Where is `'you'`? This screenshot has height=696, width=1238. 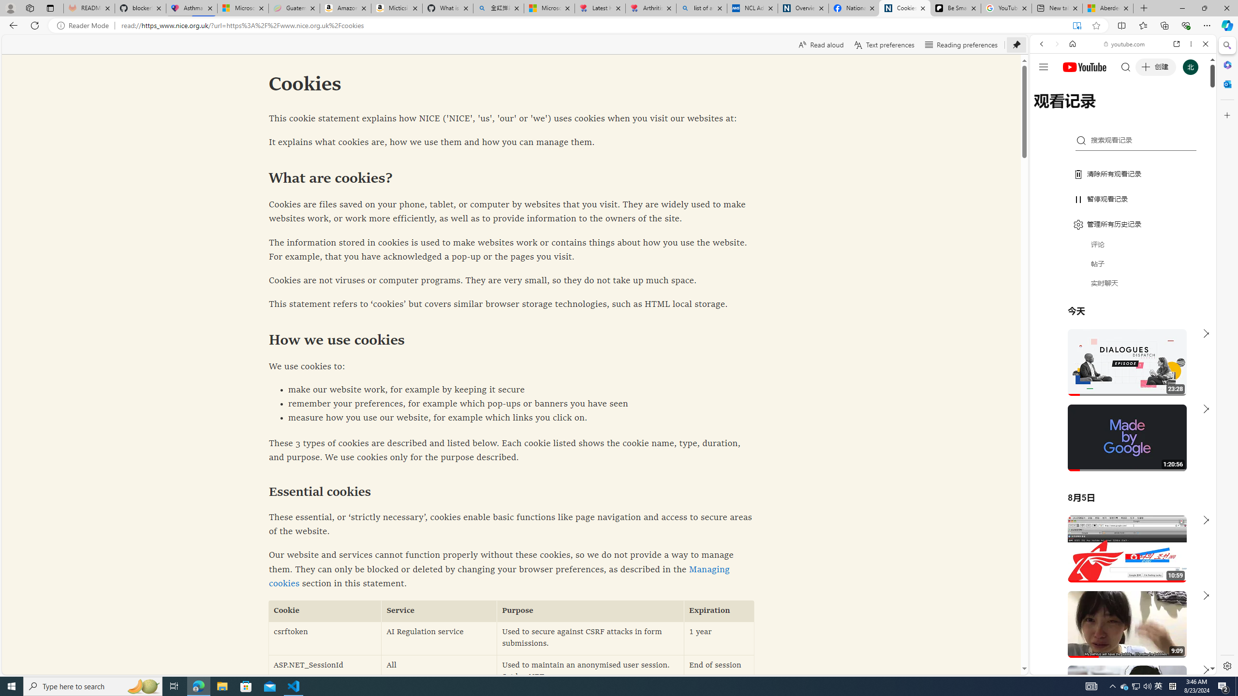
'you' is located at coordinates (1119, 642).